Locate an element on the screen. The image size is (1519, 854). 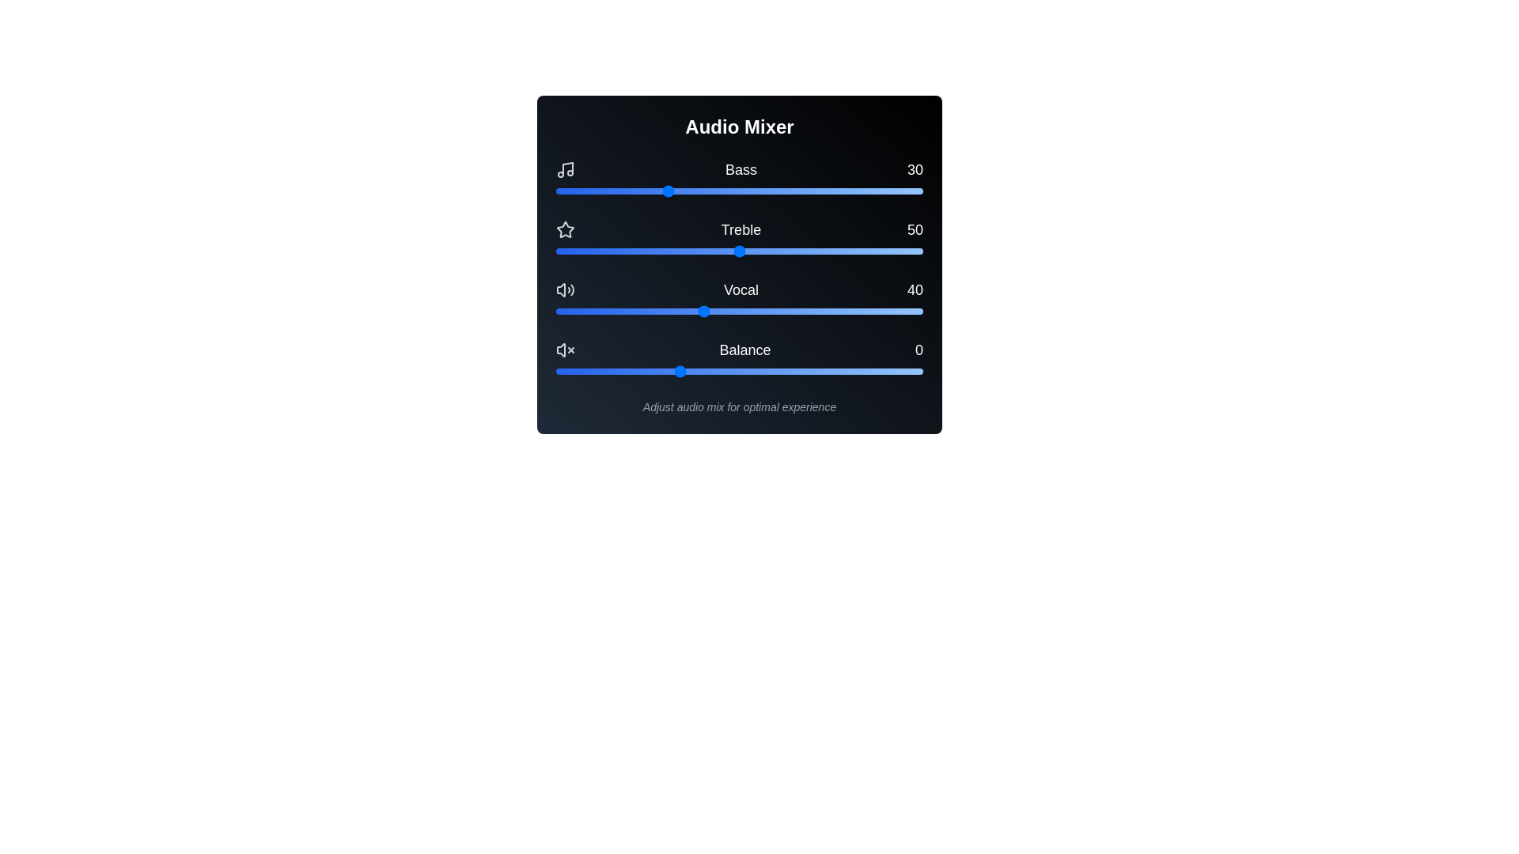
the balance slider to -5 within its range of -50 to 100 is located at coordinates (666, 372).